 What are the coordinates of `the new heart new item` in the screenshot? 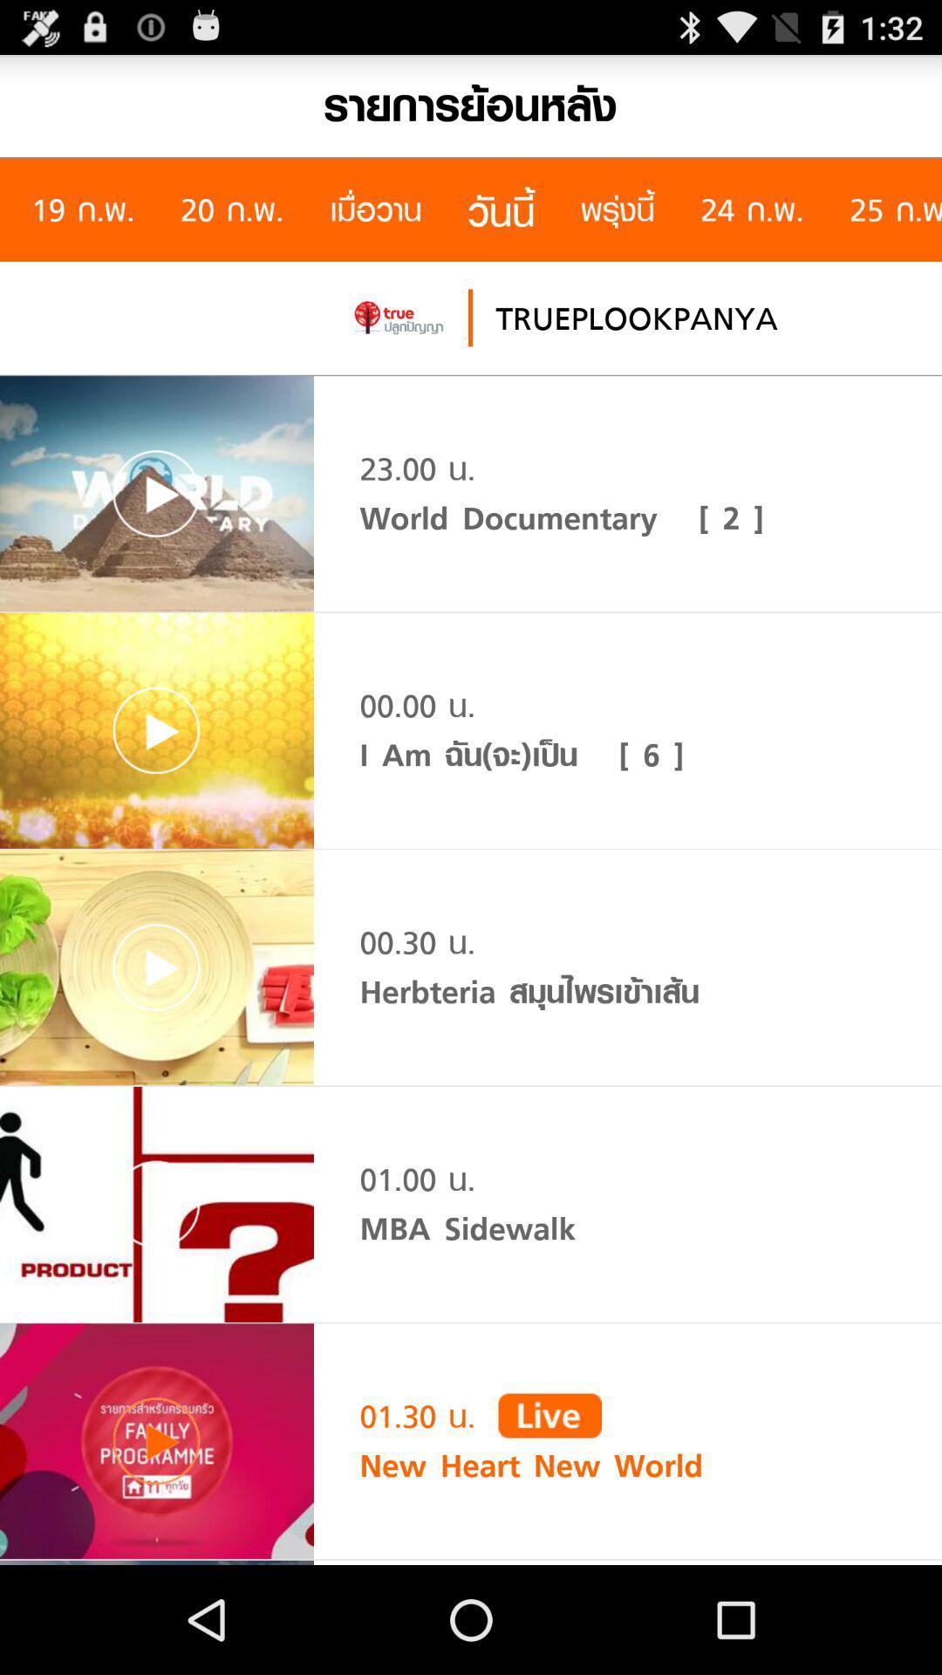 It's located at (530, 1466).